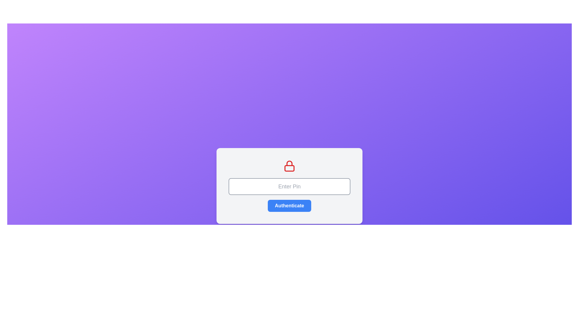 The height and width of the screenshot is (325, 579). I want to click on the lower rectangular portion of the lock icon, which symbolizes security or authentication and is located above the text field in the center of the modal window, so click(289, 168).